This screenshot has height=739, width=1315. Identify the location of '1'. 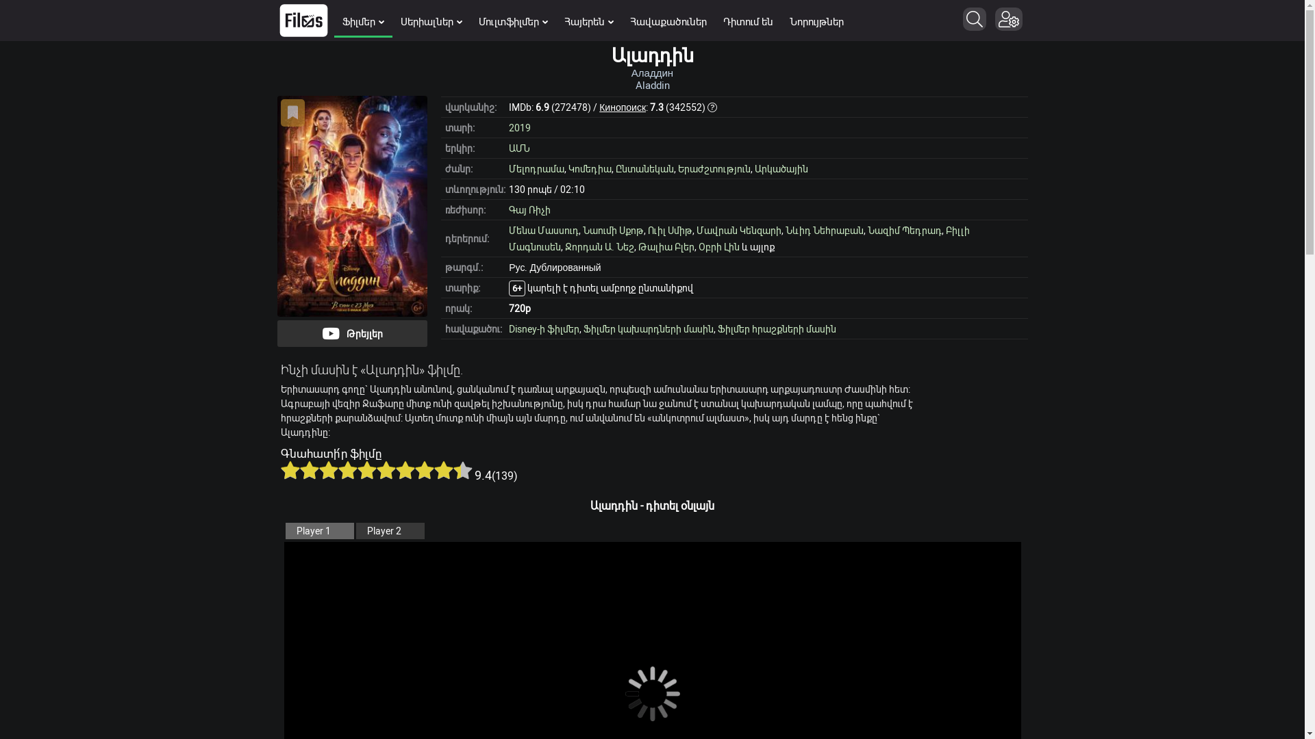
(289, 469).